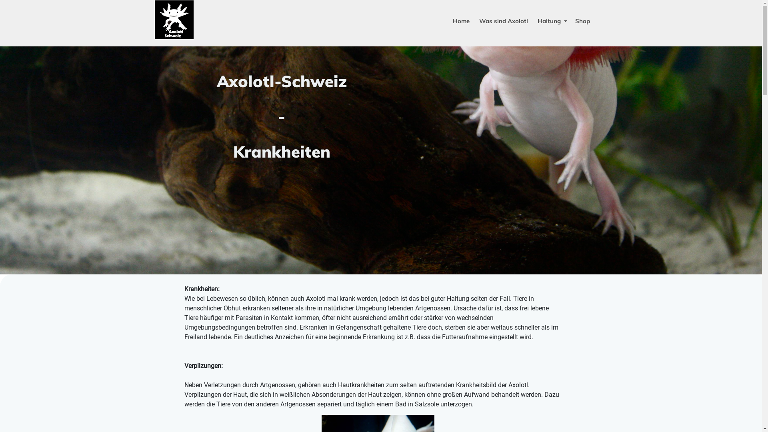 The height and width of the screenshot is (432, 768). Describe the element at coordinates (461, 21) in the screenshot. I see `'Home'` at that location.